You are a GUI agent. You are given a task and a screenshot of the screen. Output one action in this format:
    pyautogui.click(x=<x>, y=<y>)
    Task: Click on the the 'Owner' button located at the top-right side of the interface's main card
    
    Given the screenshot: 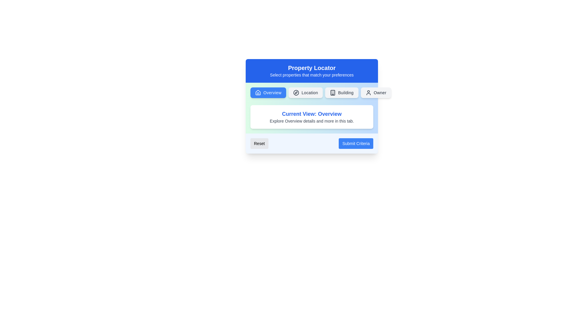 What is the action you would take?
    pyautogui.click(x=375, y=92)
    